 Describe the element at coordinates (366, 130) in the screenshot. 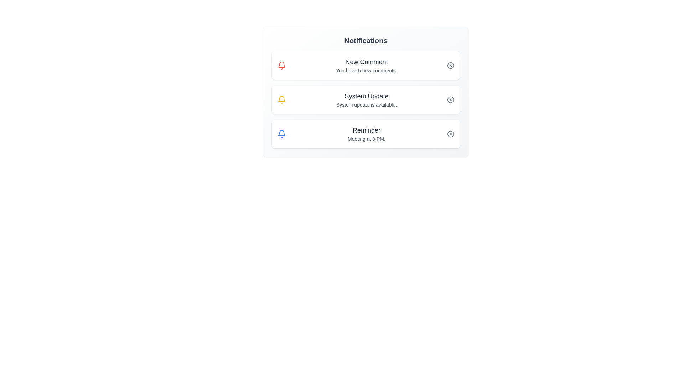

I see `the 'Reminder' text label displayed in bold, medium-sized dark gray font at the top of the third notification box, above the text 'Meeting at 3 PM.'` at that location.